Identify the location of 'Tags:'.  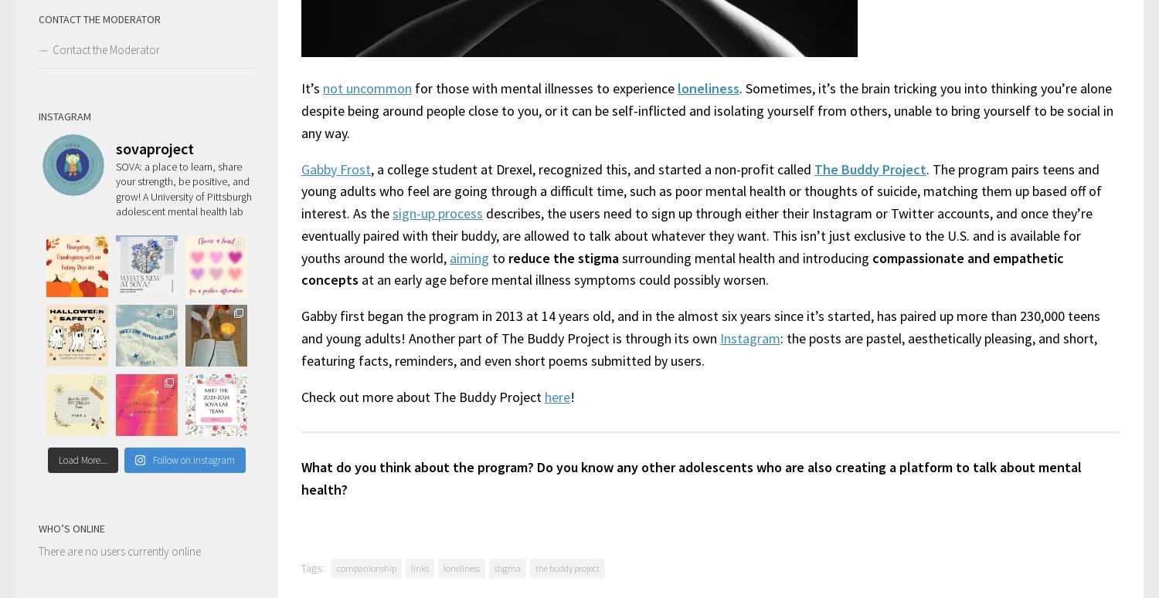
(312, 567).